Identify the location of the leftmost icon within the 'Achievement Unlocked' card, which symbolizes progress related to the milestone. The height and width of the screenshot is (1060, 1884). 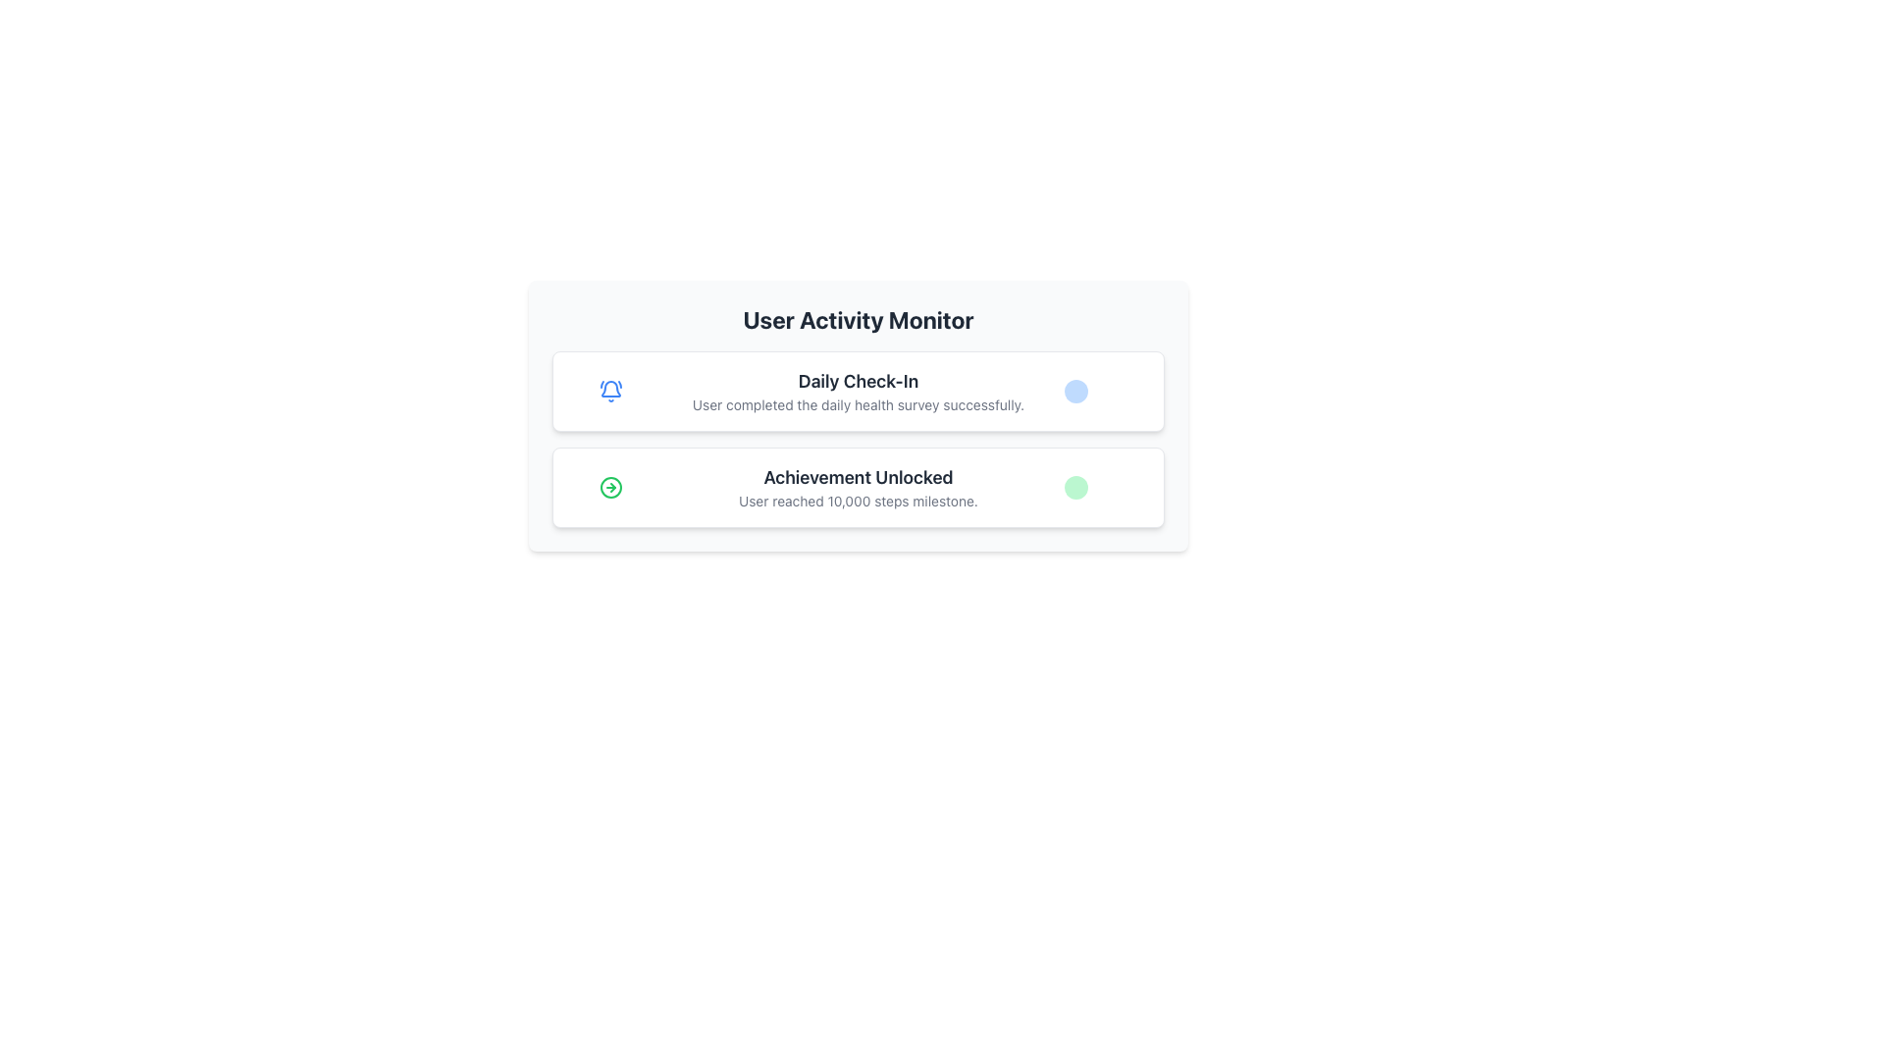
(609, 487).